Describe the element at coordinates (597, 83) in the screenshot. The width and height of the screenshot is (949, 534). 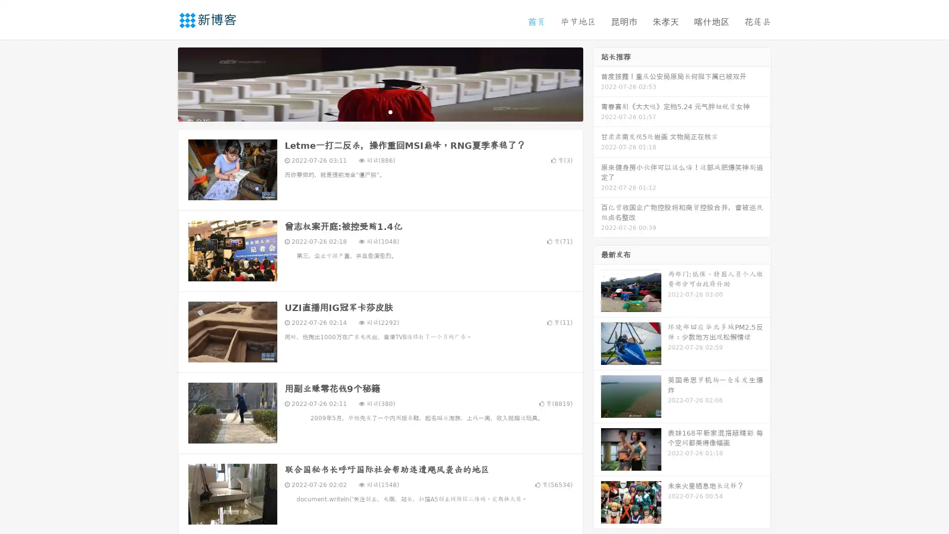
I see `Next slide` at that location.